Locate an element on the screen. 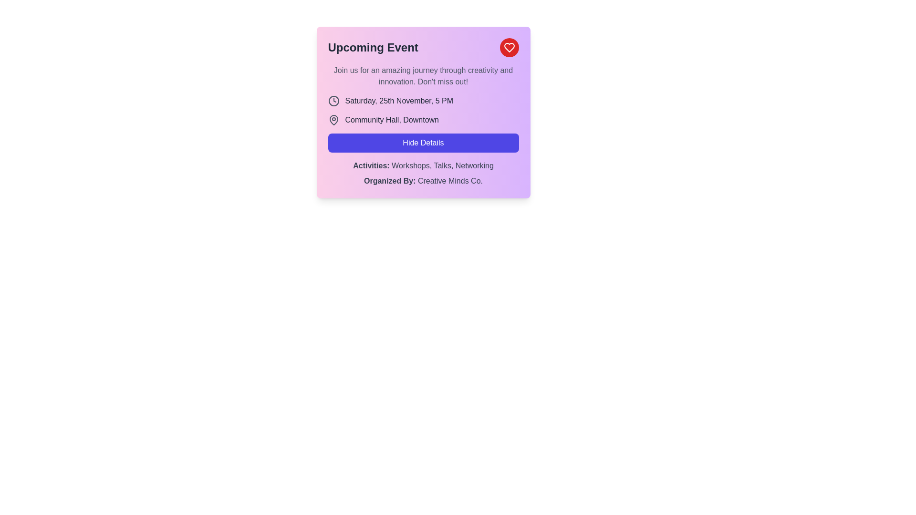 Image resolution: width=916 pixels, height=515 pixels. text block styled in gray, located under the title 'Upcoming Event', which contains the content: 'Join us for an amazing journey through creativity and innovation. Don't miss out!' is located at coordinates (423, 75).